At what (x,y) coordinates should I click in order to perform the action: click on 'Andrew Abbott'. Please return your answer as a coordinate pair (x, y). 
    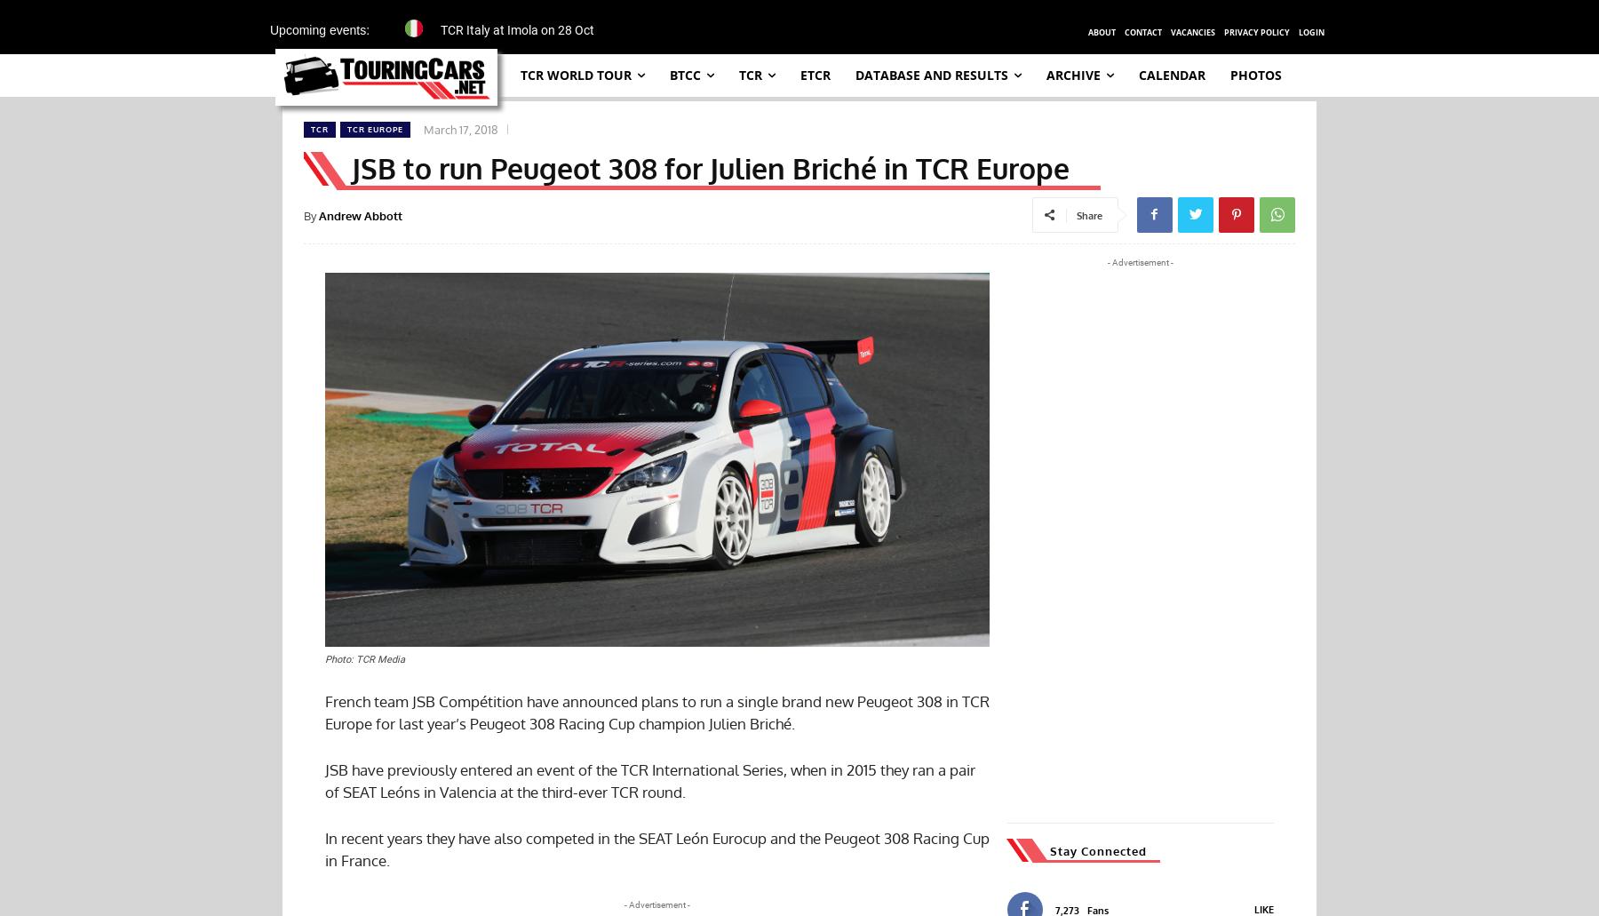
    Looking at the image, I should click on (361, 214).